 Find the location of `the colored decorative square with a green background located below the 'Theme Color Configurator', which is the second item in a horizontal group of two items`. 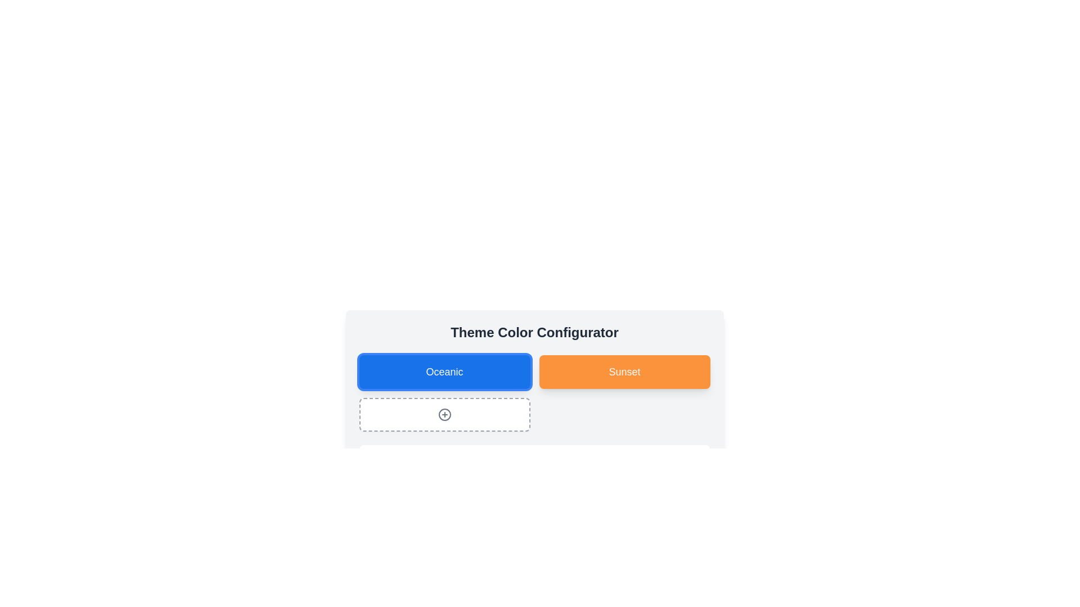

the colored decorative square with a green background located below the 'Theme Color Configurator', which is the second item in a horizontal group of two items is located at coordinates (430, 496).